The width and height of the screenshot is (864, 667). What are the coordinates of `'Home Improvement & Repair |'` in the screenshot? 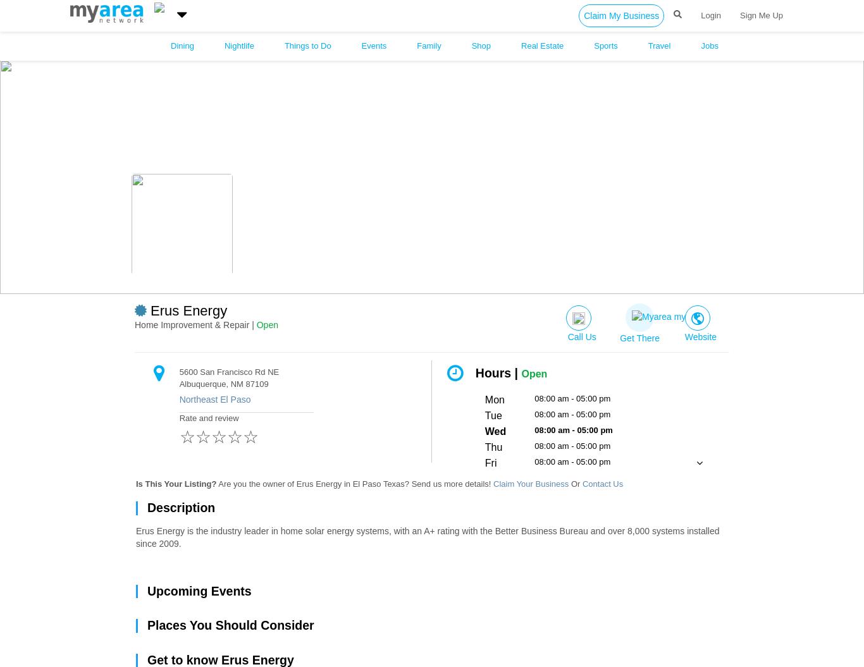 It's located at (195, 324).